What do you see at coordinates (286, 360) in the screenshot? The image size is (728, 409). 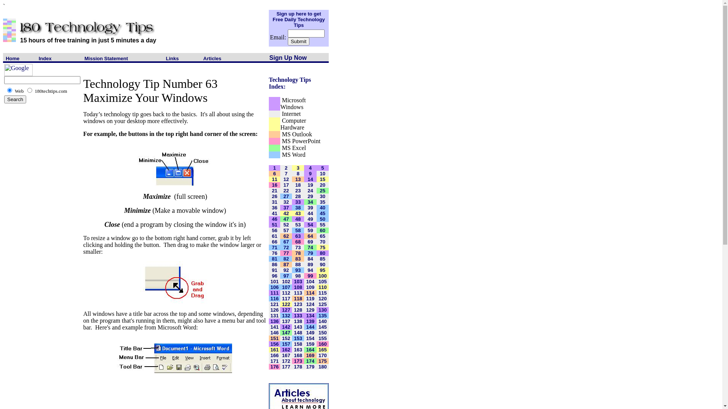 I see `'172'` at bounding box center [286, 360].